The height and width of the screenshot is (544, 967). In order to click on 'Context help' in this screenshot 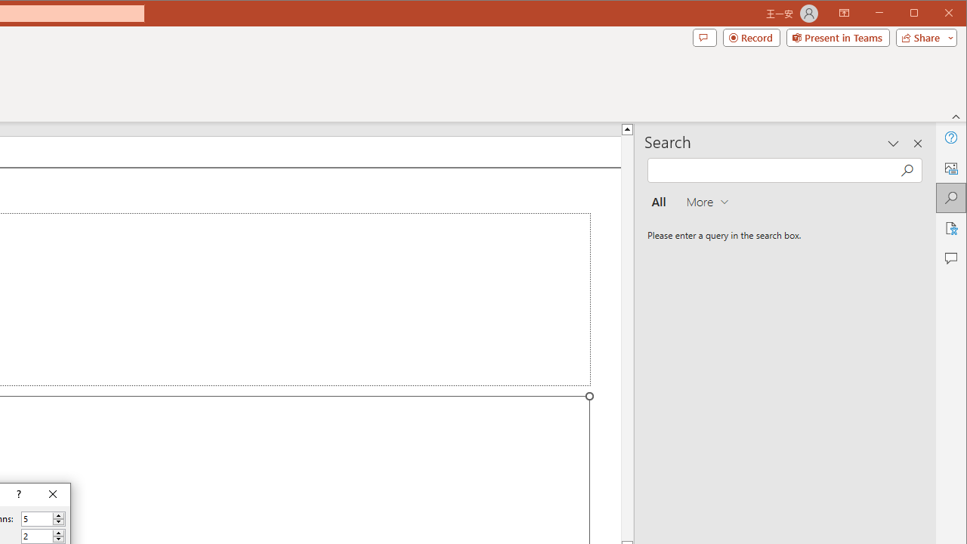, I will do `click(17, 495)`.